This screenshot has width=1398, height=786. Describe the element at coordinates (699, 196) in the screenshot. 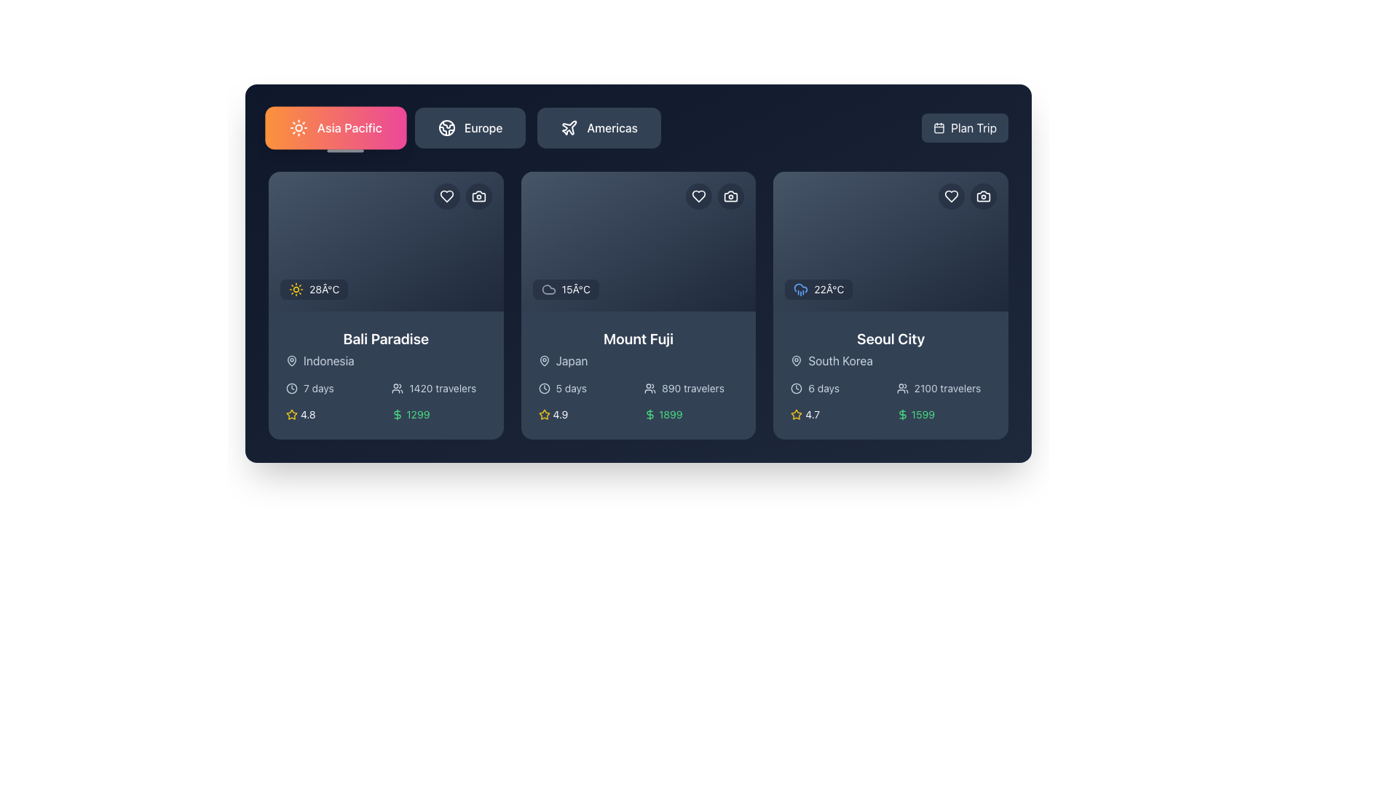

I see `the heart icon in the top-right corner of the 'Mount Fuji' card` at that location.